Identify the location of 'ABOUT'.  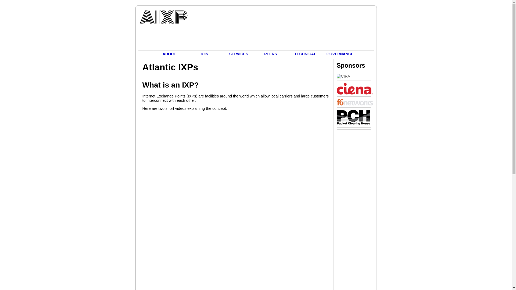
(170, 54).